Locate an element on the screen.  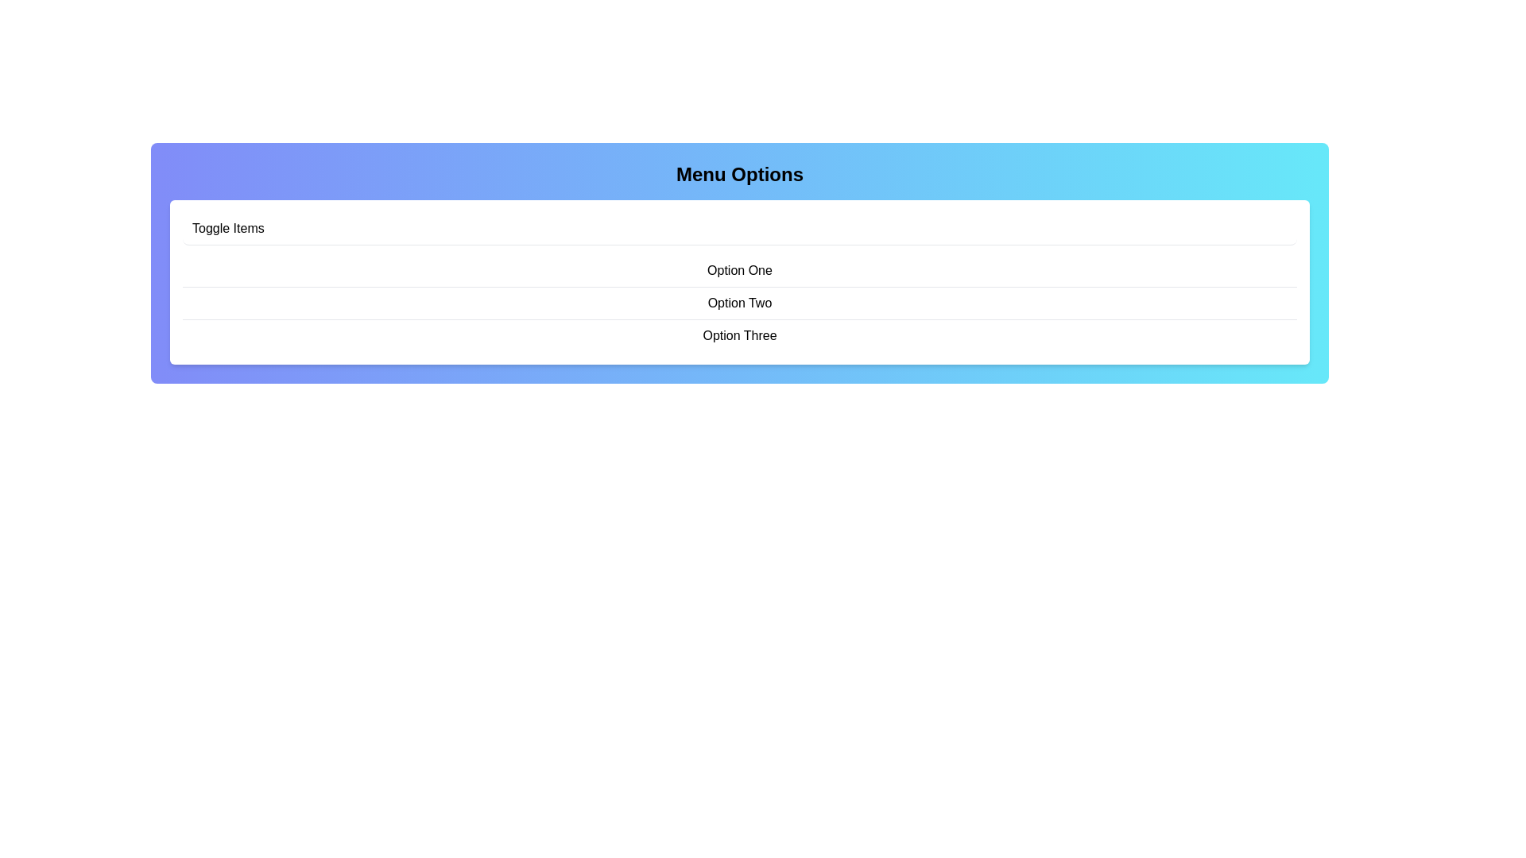
the static header text 'Menu Options' is located at coordinates (739, 174).